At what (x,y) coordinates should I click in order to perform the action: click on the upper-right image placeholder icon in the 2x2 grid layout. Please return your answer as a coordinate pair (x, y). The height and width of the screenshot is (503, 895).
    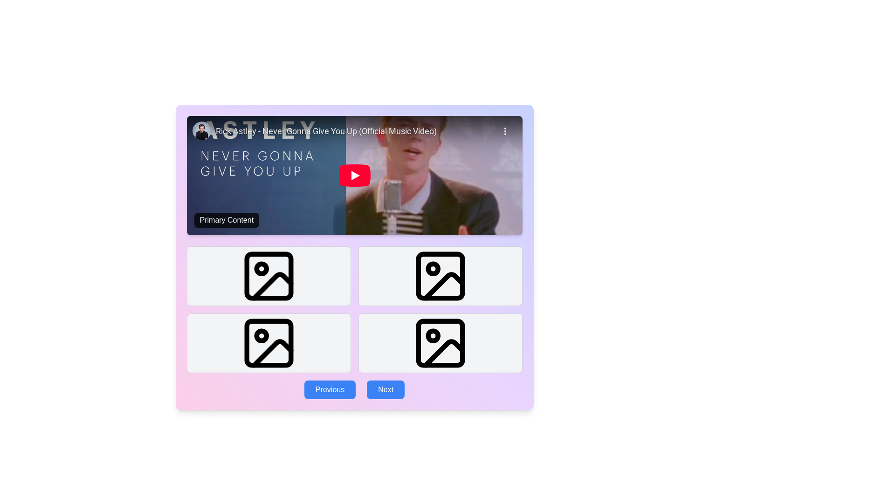
    Looking at the image, I should click on (443, 285).